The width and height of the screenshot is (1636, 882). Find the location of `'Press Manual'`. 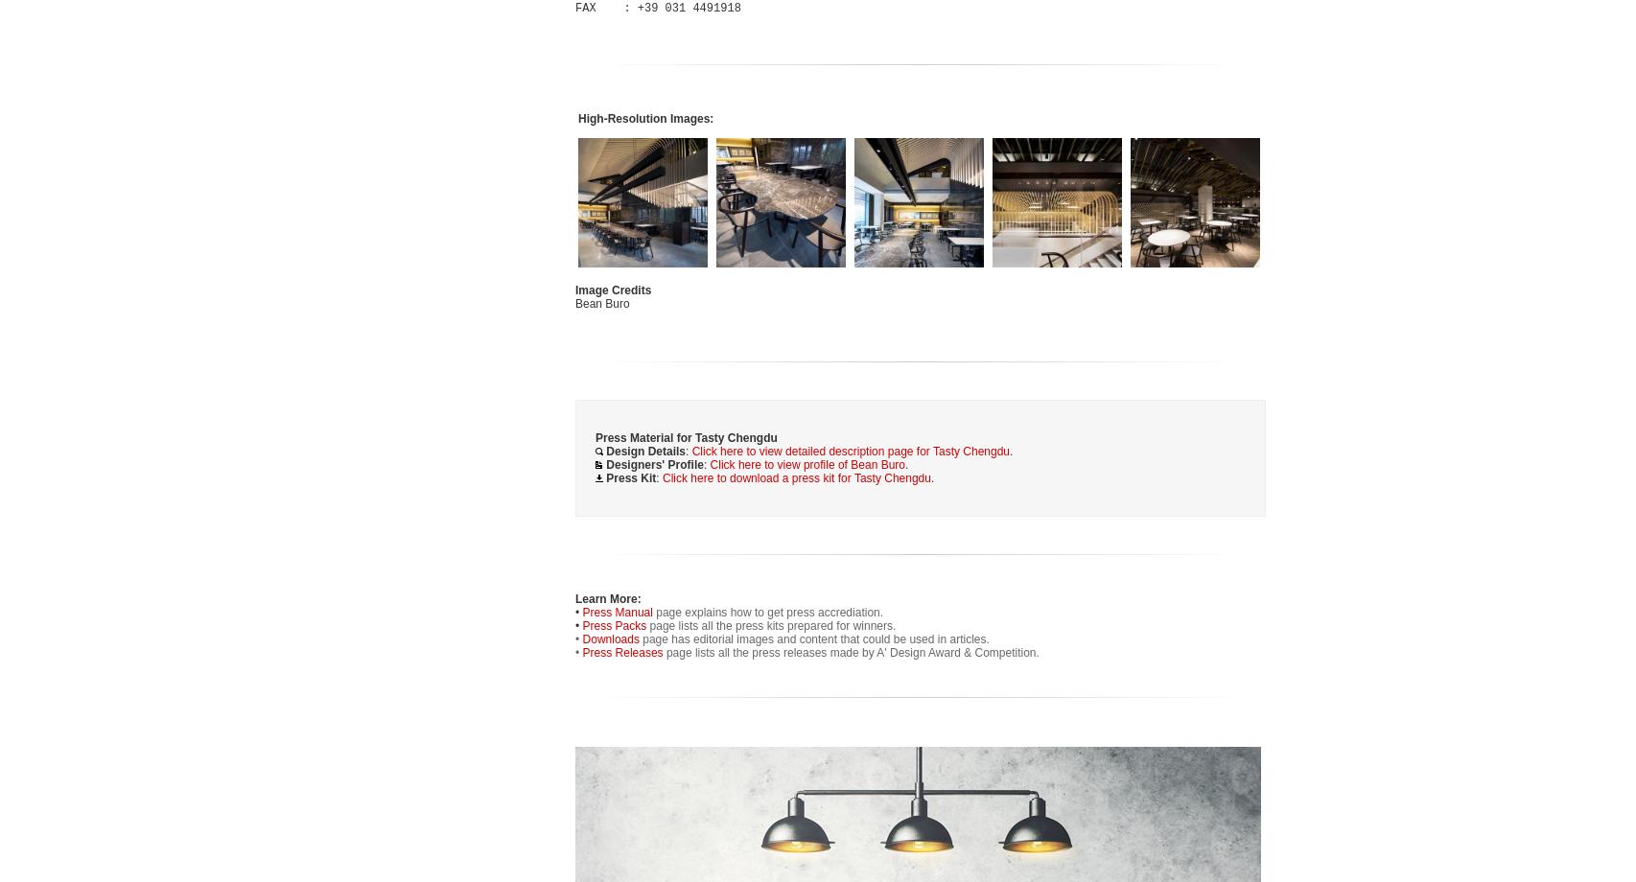

'Press Manual' is located at coordinates (618, 612).